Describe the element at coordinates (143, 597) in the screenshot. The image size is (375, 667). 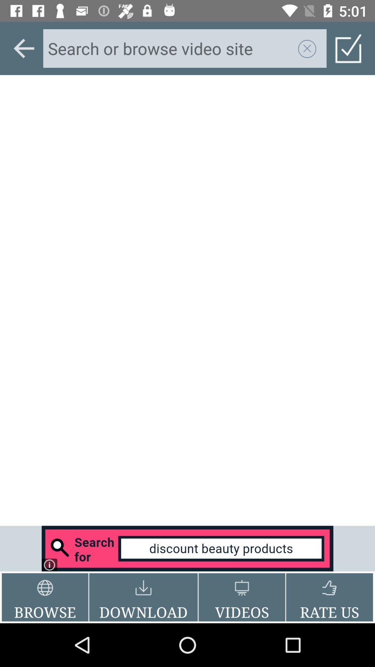
I see `the icon to the right of the browse item` at that location.